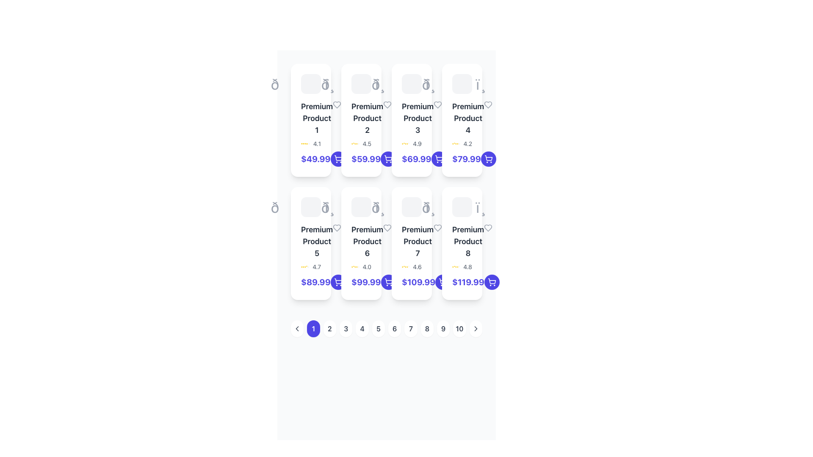 This screenshot has height=457, width=813. What do you see at coordinates (303, 267) in the screenshot?
I see `the yellow star icon, which is the second star in the rating display below 'Premium Product 5' in the product grid` at bounding box center [303, 267].